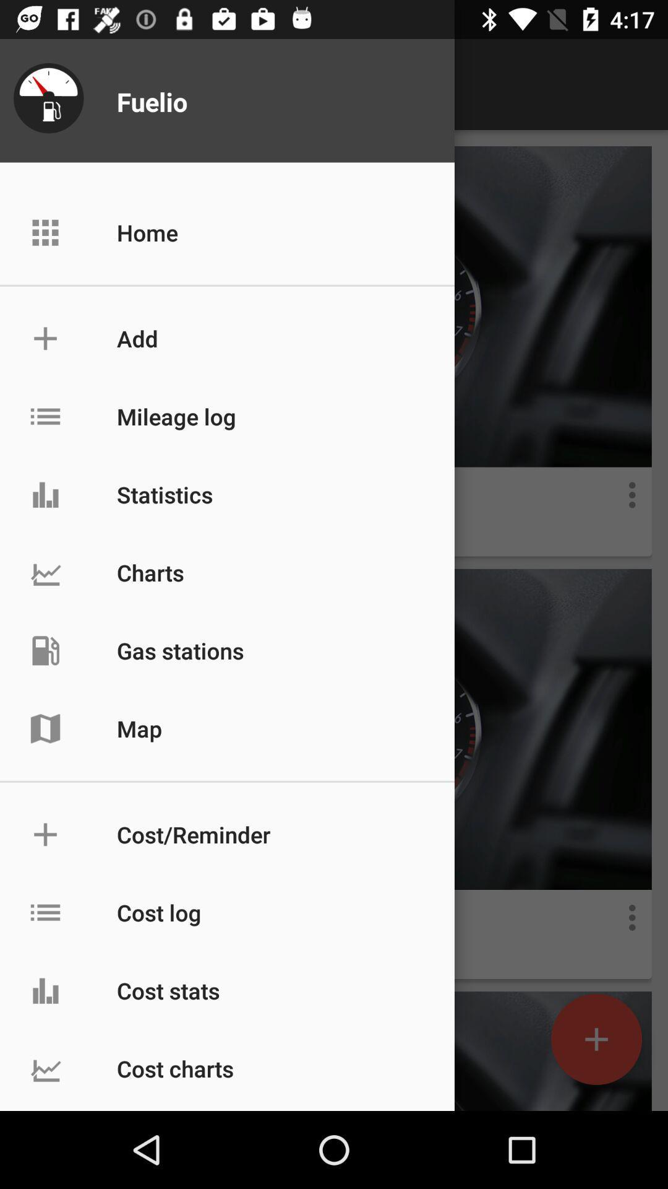 The image size is (668, 1189). I want to click on more button in second image, so click(632, 918).